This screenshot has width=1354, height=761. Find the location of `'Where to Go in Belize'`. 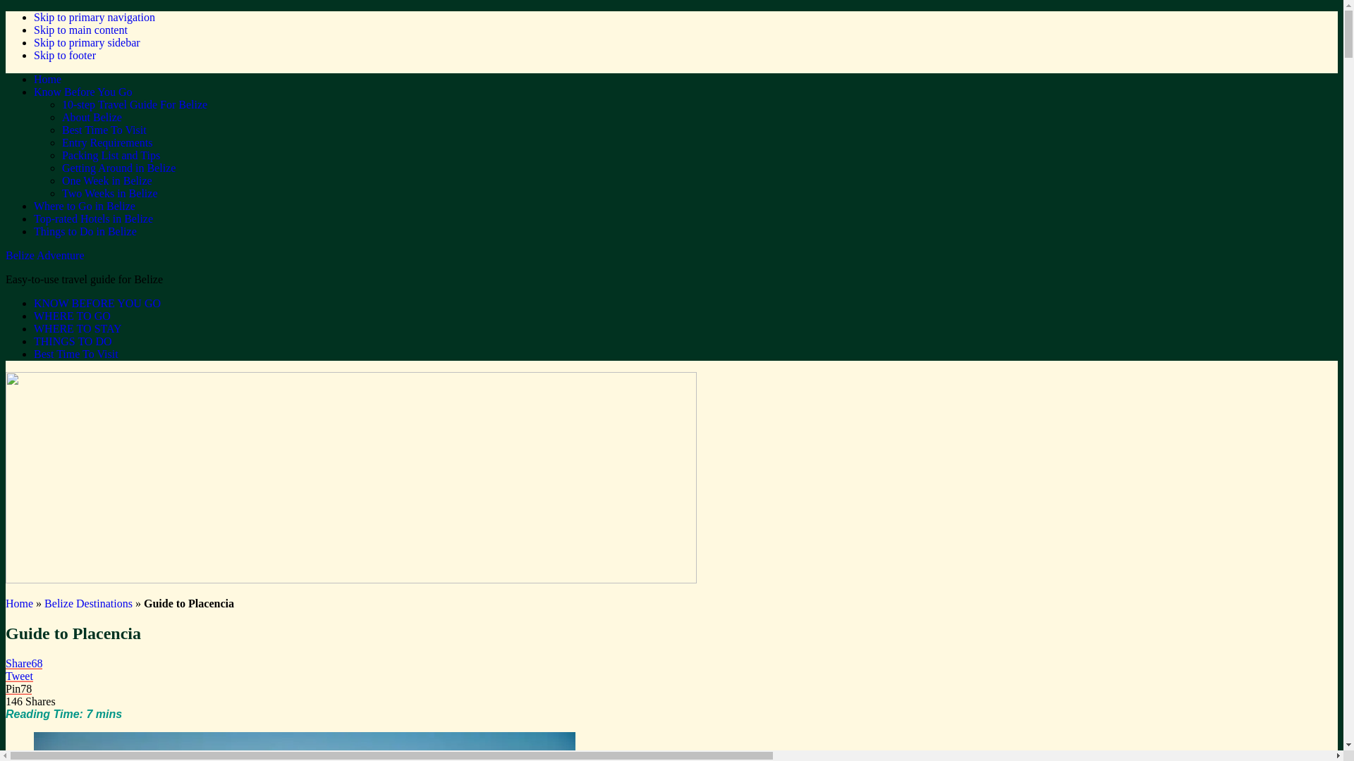

'Where to Go in Belize' is located at coordinates (84, 206).